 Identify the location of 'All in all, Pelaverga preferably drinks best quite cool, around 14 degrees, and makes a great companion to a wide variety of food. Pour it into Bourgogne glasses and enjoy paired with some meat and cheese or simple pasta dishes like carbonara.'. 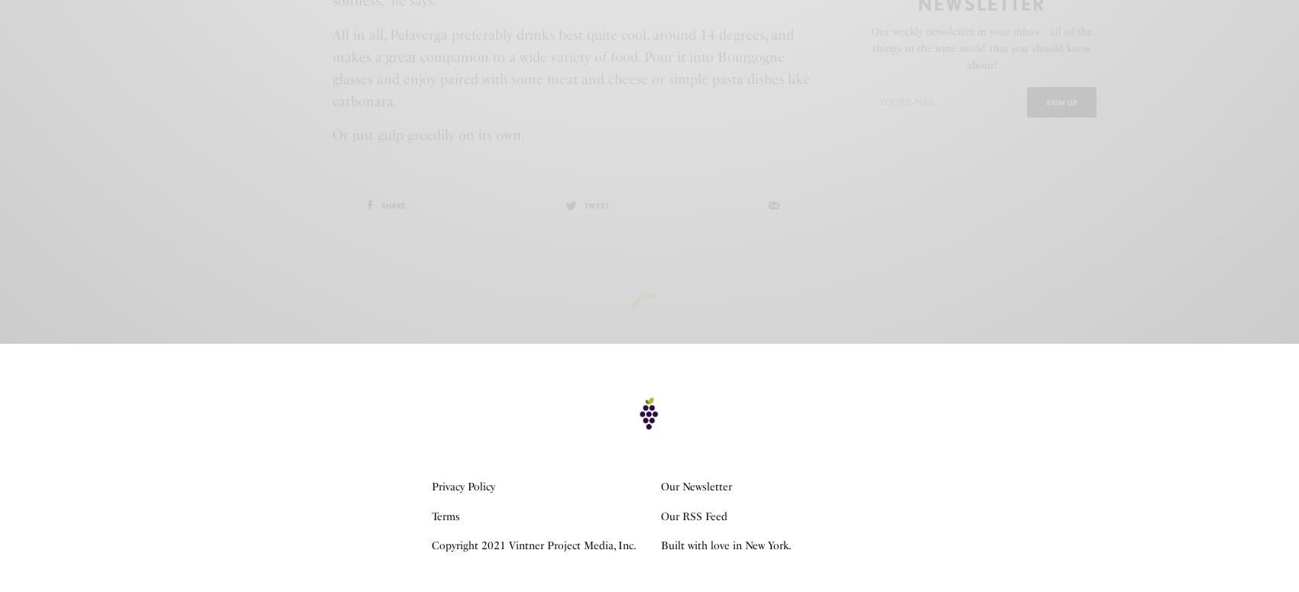
(332, 67).